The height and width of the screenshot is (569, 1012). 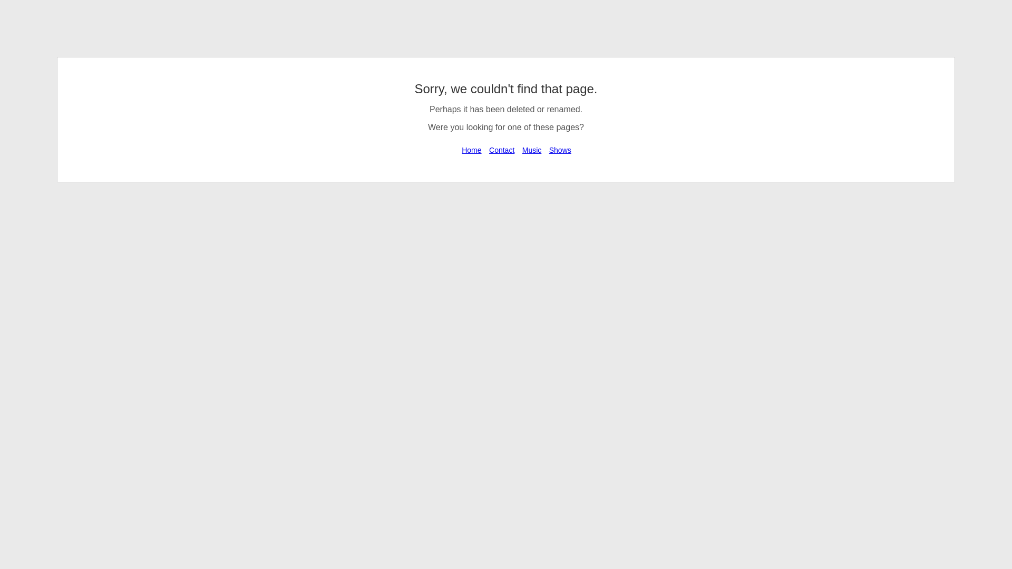 What do you see at coordinates (471, 150) in the screenshot?
I see `'Home'` at bounding box center [471, 150].